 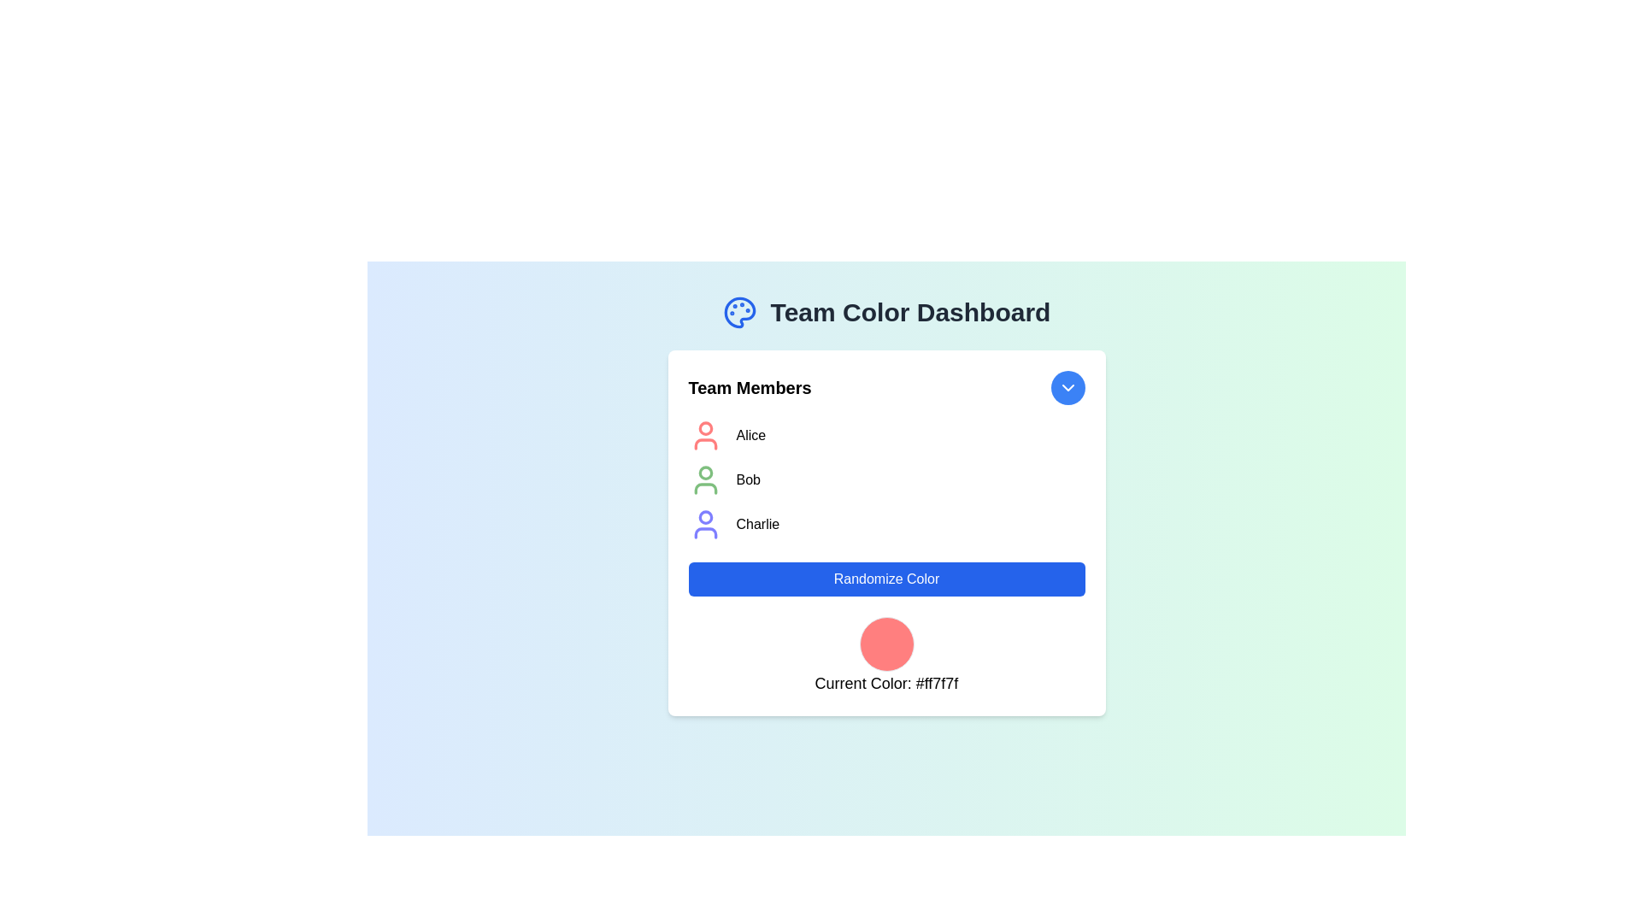 I want to click on the red circular user profile icon representing 'Alice', so click(x=886, y=434).